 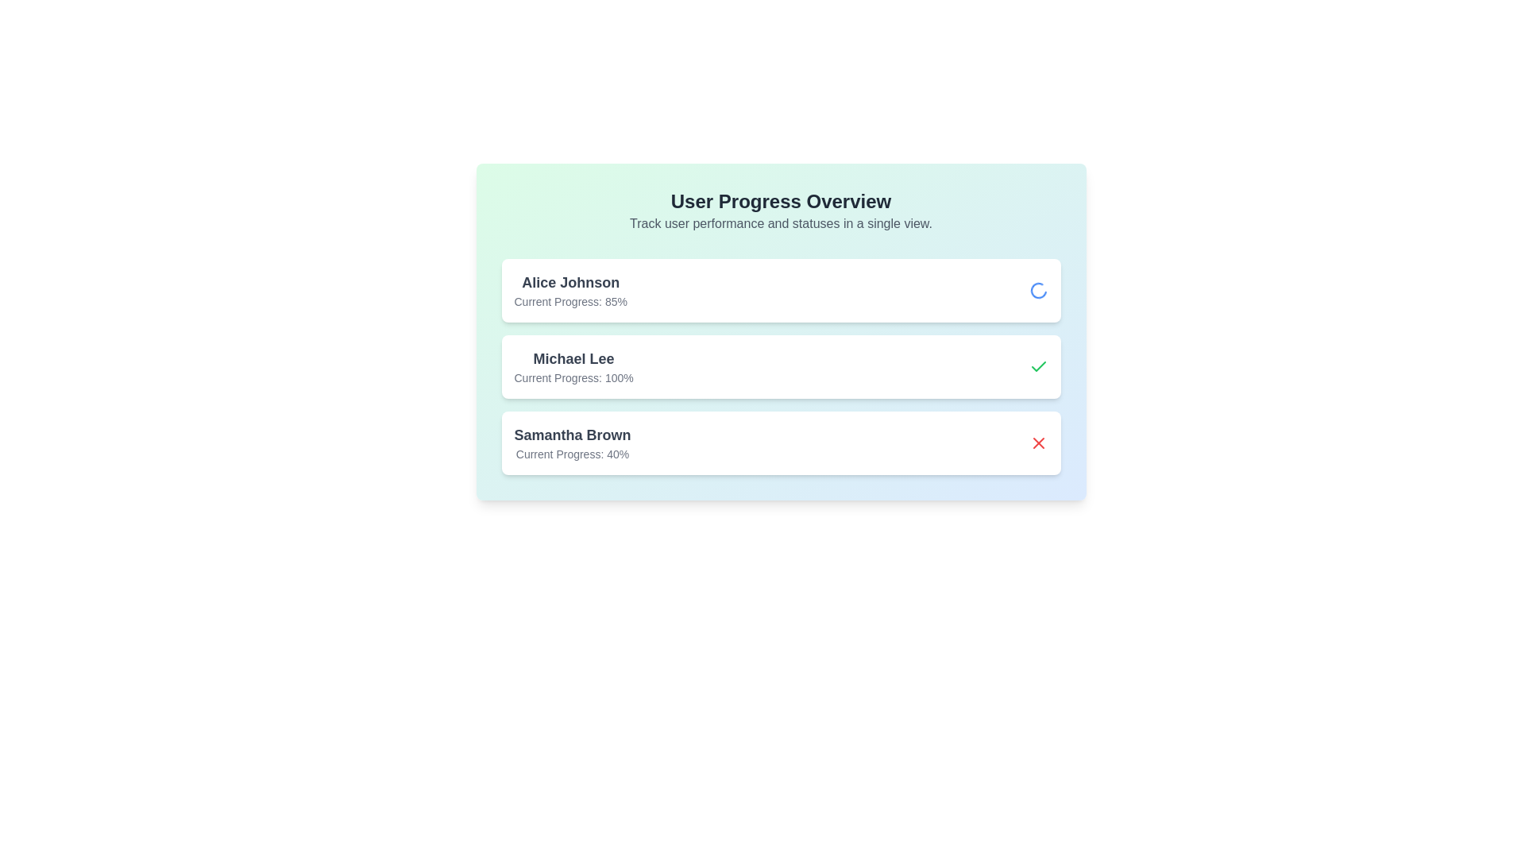 What do you see at coordinates (781, 443) in the screenshot?
I see `the user information card representing 'Samantha Brown', which is the third card in a vertically stacked list of three cards, located at the bottom of the stack` at bounding box center [781, 443].